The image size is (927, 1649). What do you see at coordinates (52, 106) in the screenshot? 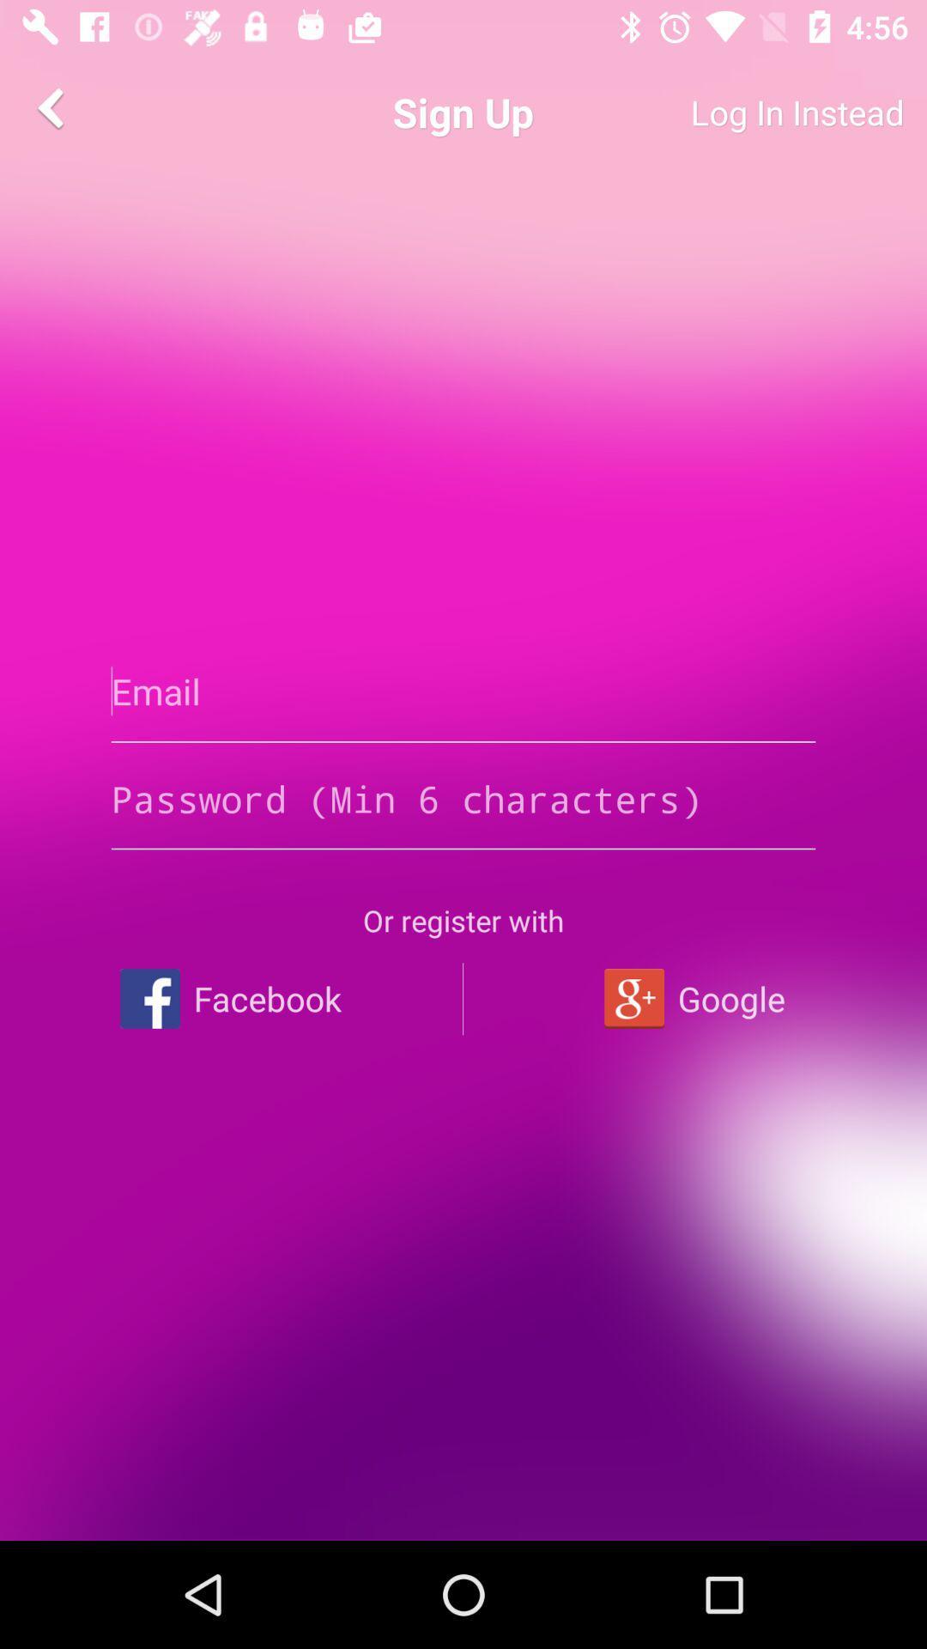
I see `app to the left of sign up` at bounding box center [52, 106].